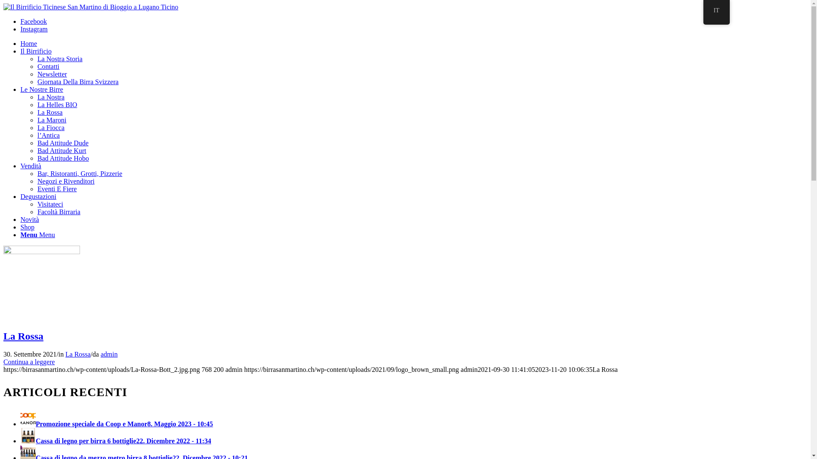 This screenshot has width=817, height=459. Describe the element at coordinates (716, 12) in the screenshot. I see `'IT'` at that location.